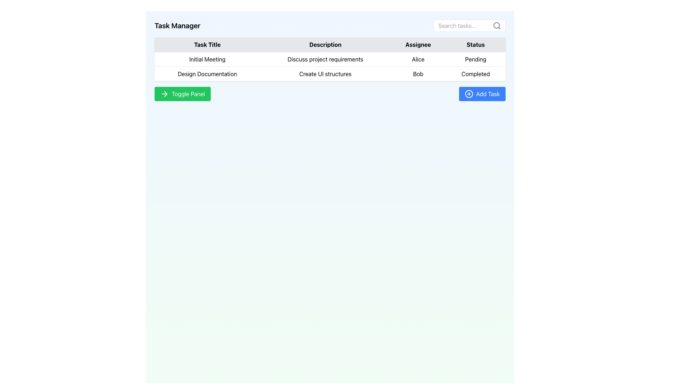 This screenshot has height=386, width=687. I want to click on text content of the table cell displaying 'Create UI structures' located in the second row under the 'Description' column, so click(325, 74).